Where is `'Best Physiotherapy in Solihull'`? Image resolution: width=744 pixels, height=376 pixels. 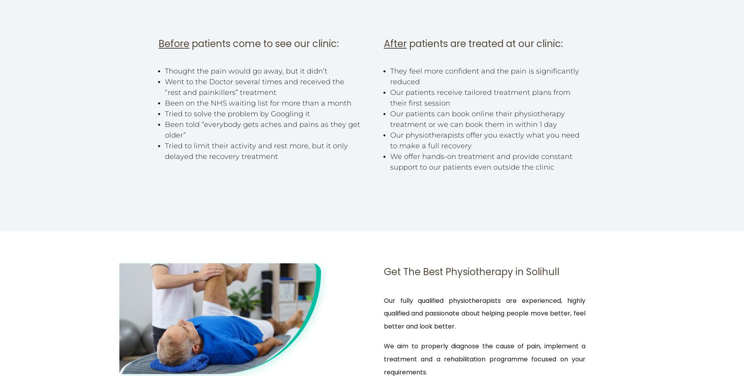 'Best Physiotherapy in Solihull' is located at coordinates (491, 271).